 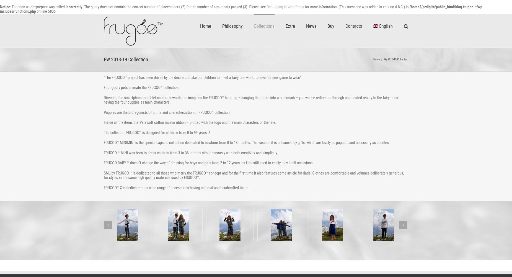 I want to click on 'FRUGOO™ X is dedicated to a wide range of accessories having minimal and handcrafted taste.', so click(x=176, y=188).